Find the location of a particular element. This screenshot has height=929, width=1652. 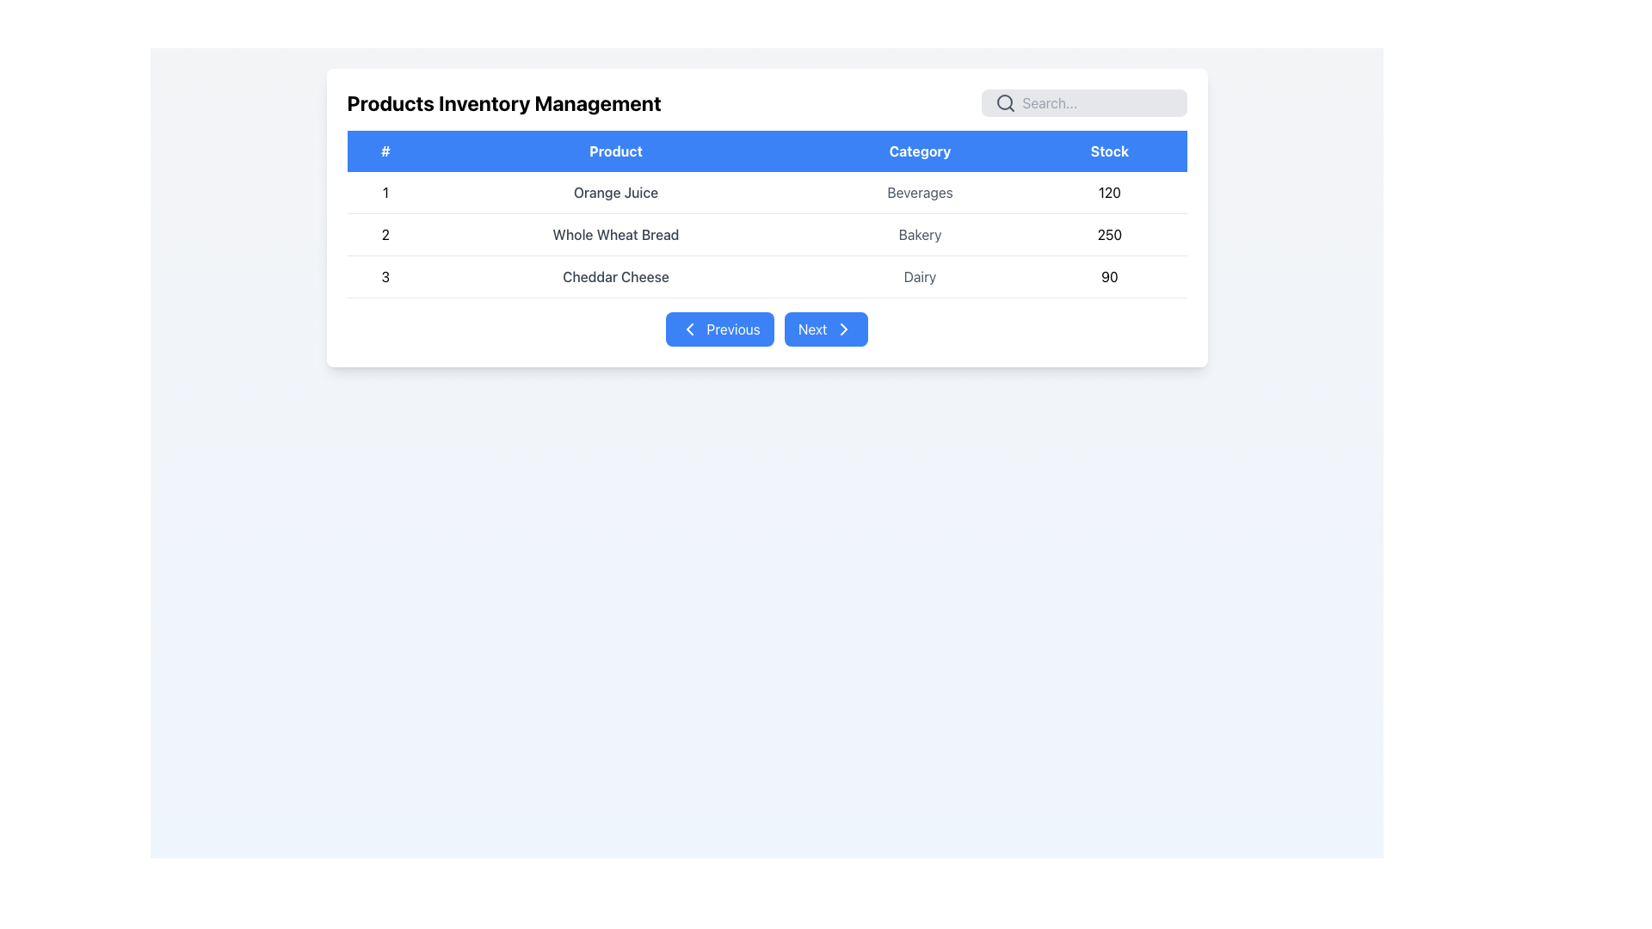

the static text field displaying the number '250' in the rightmost column of the second row under the 'Stock' category, aligned with 'Bakery' and 'Whole Wheat Bread' is located at coordinates (1109, 235).